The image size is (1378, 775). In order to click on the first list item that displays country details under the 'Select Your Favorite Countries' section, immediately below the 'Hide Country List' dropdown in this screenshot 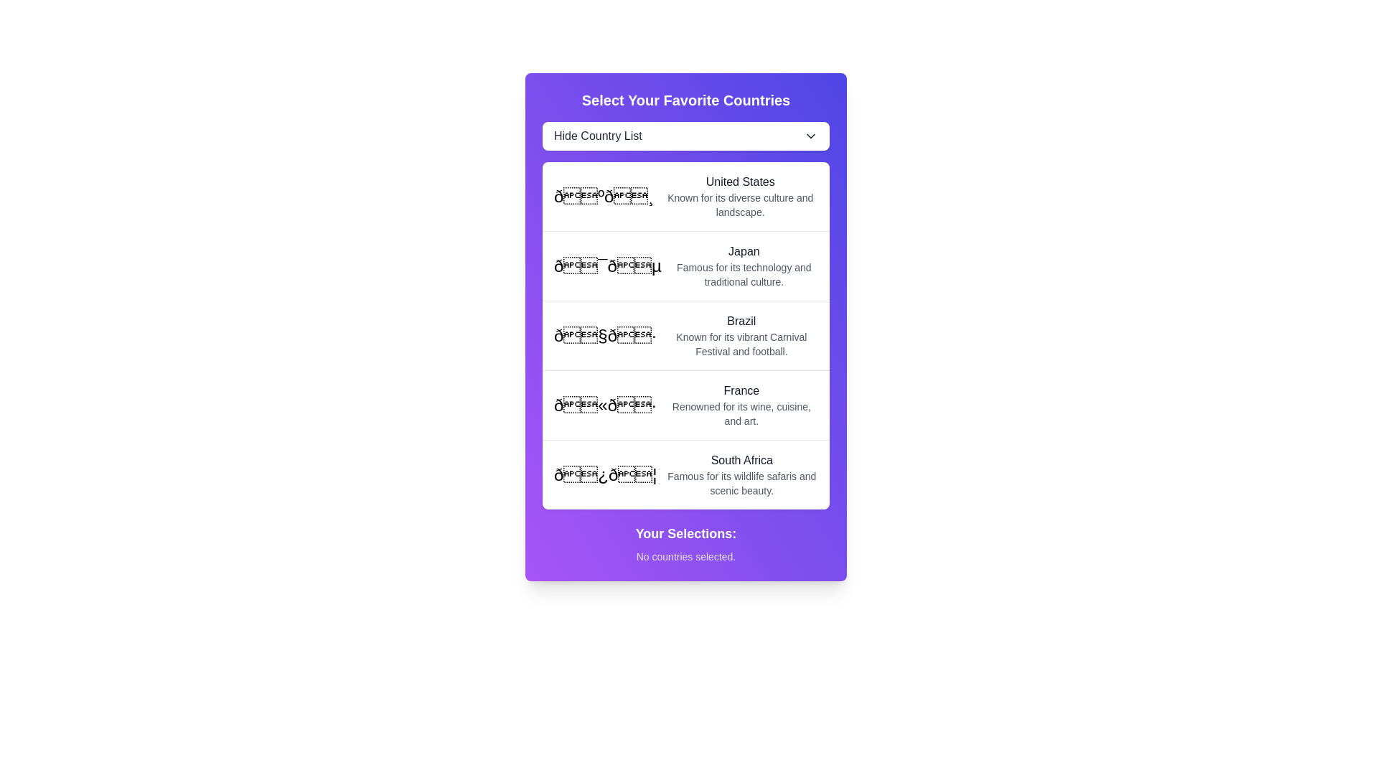, I will do `click(685, 196)`.